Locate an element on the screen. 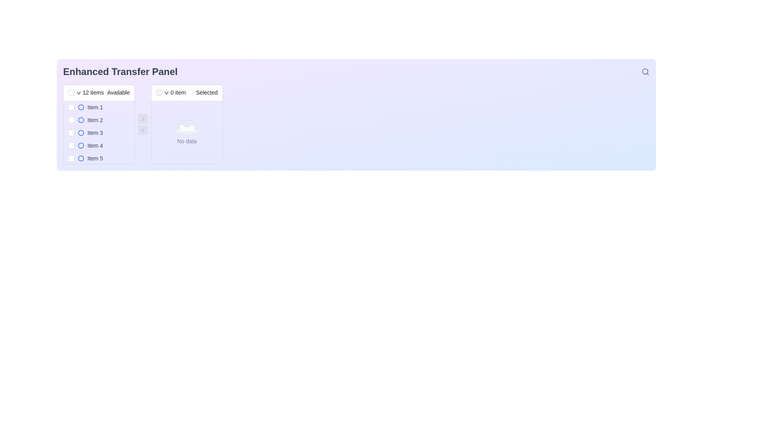 This screenshot has width=767, height=431. the minimalist square checkbox located to the left of the text label 'Item 1' within the 'Available' panel of the transfer list is located at coordinates (71, 107).